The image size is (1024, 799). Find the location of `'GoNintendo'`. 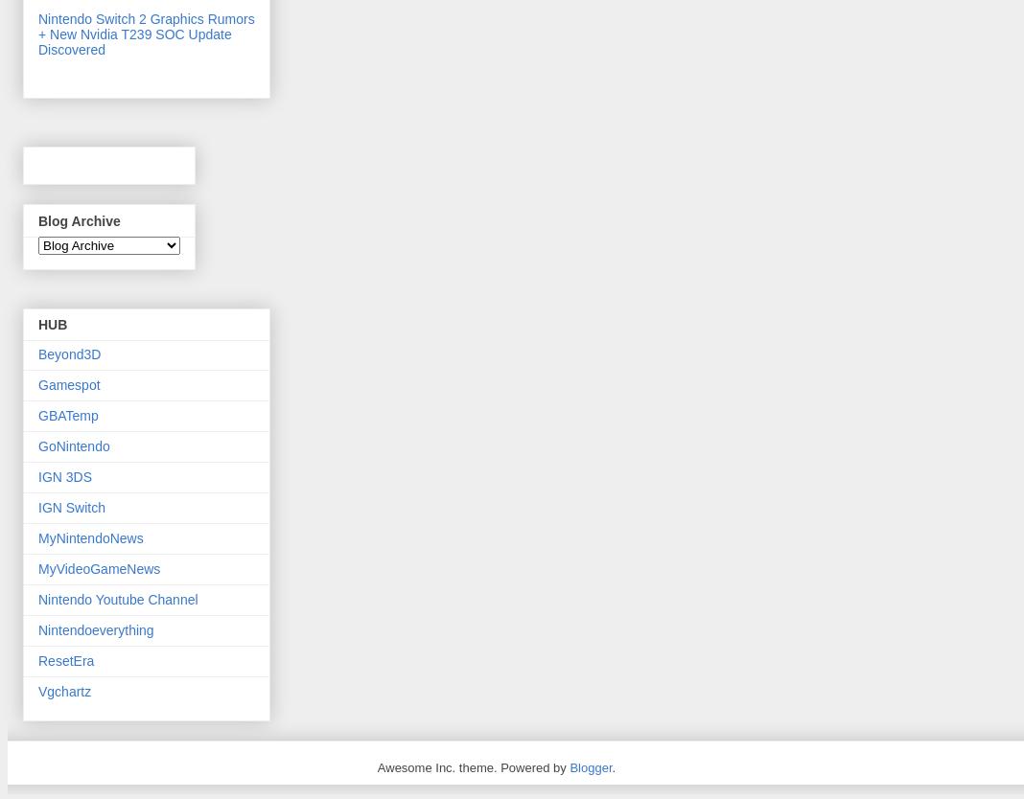

'GoNintendo' is located at coordinates (73, 445).